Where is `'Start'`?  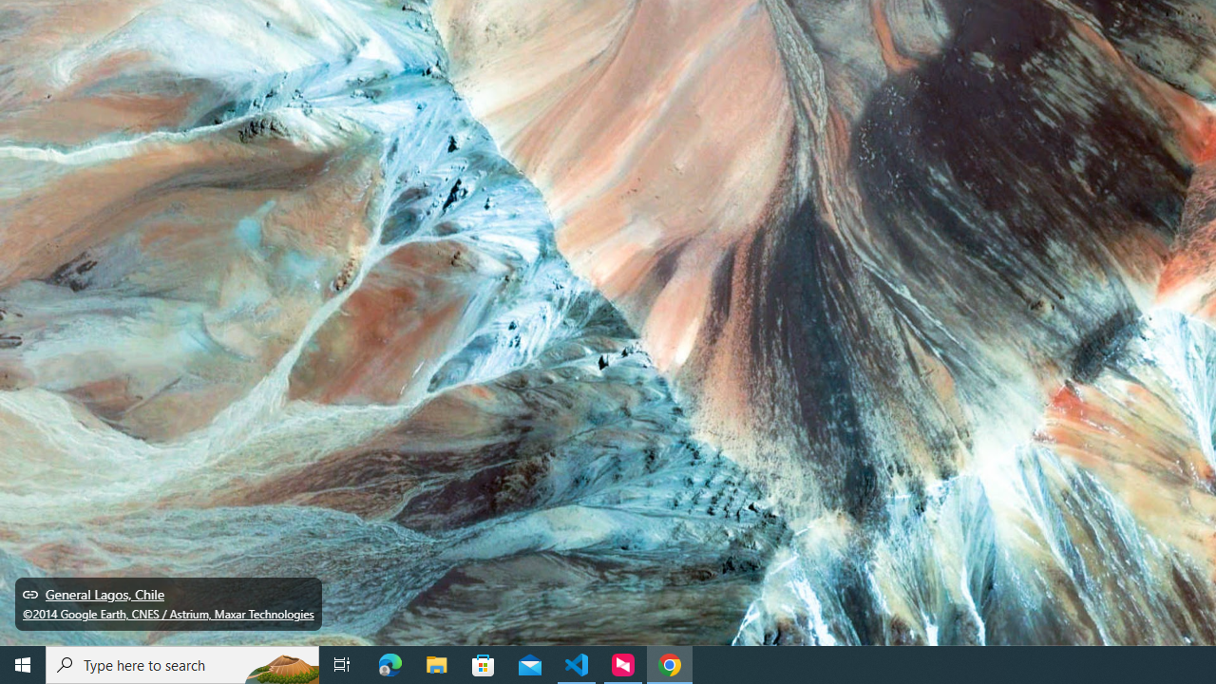 'Start' is located at coordinates (23, 663).